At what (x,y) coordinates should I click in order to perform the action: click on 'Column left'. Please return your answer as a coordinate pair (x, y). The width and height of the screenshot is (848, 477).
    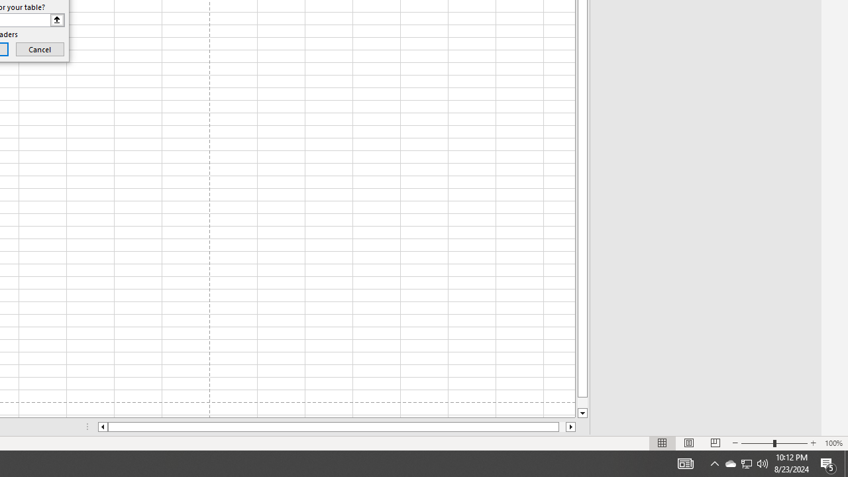
    Looking at the image, I should click on (101, 427).